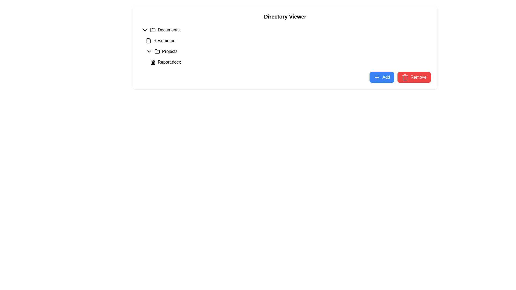  I want to click on the SVG-based file icon representing 'Report.docx', which is positioned to the left of its text label in the directory tree under the 'Projects' folder, so click(153, 62).